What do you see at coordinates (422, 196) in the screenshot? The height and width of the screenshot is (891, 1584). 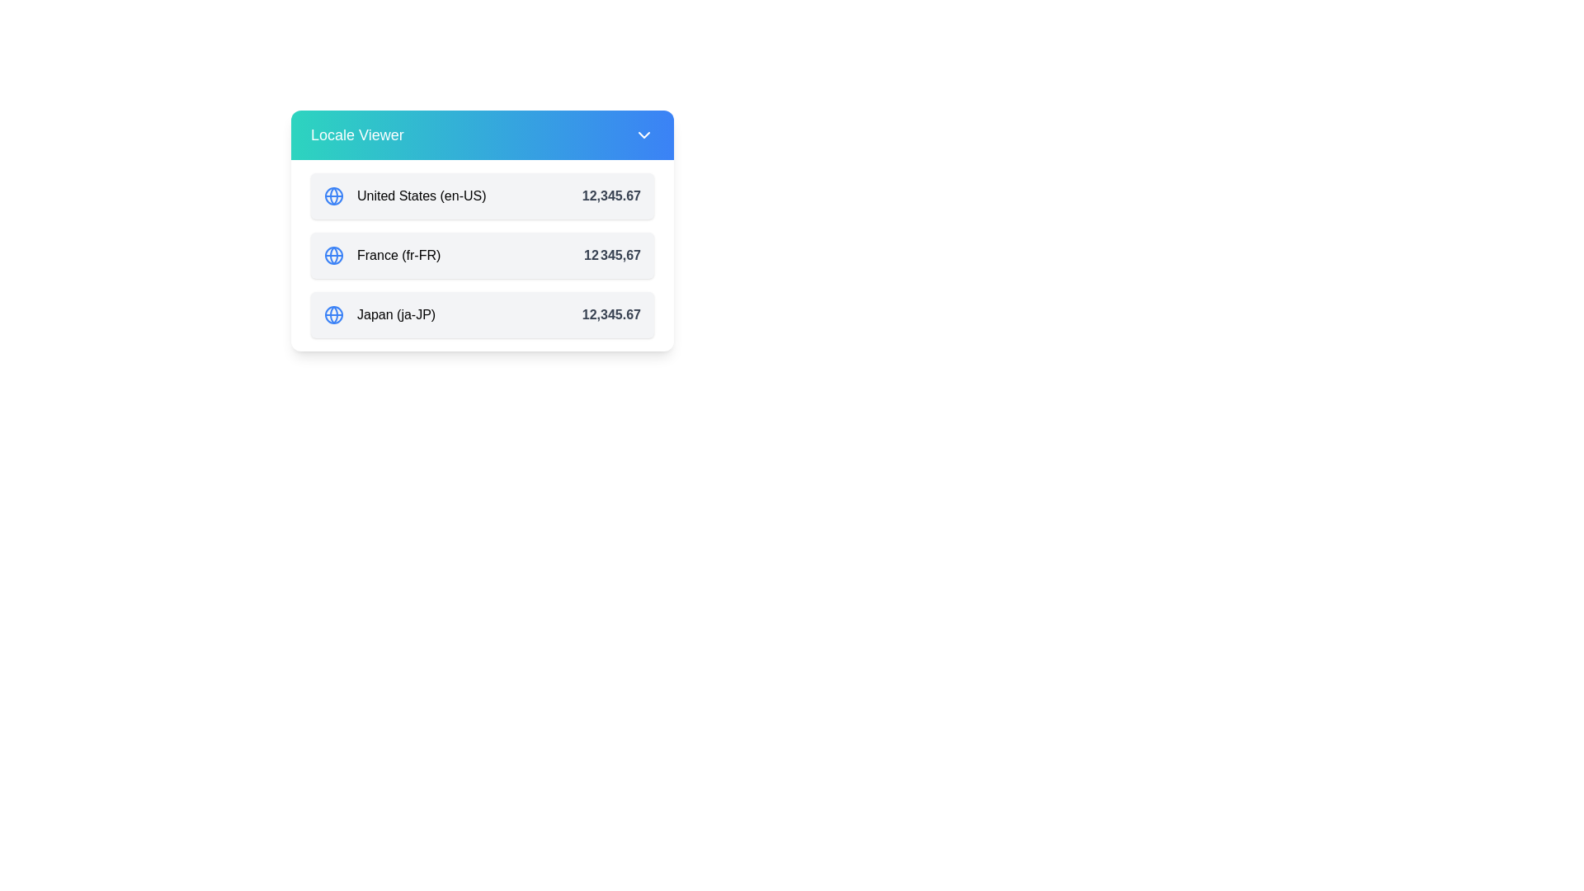 I see `the Plain text label indicating the locale setting for the United States and English (en-US) language preference, which is located alongside a blue globe icon in the 'Locale Viewer' list` at bounding box center [422, 196].